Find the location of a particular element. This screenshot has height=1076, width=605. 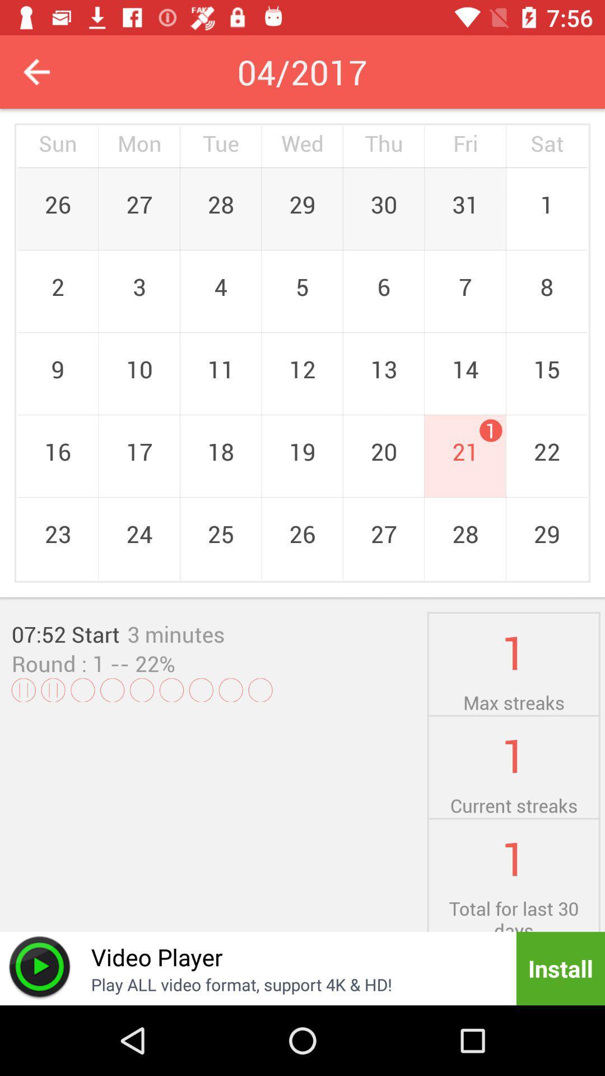

the icon below the round : 1 icon is located at coordinates (213, 689).